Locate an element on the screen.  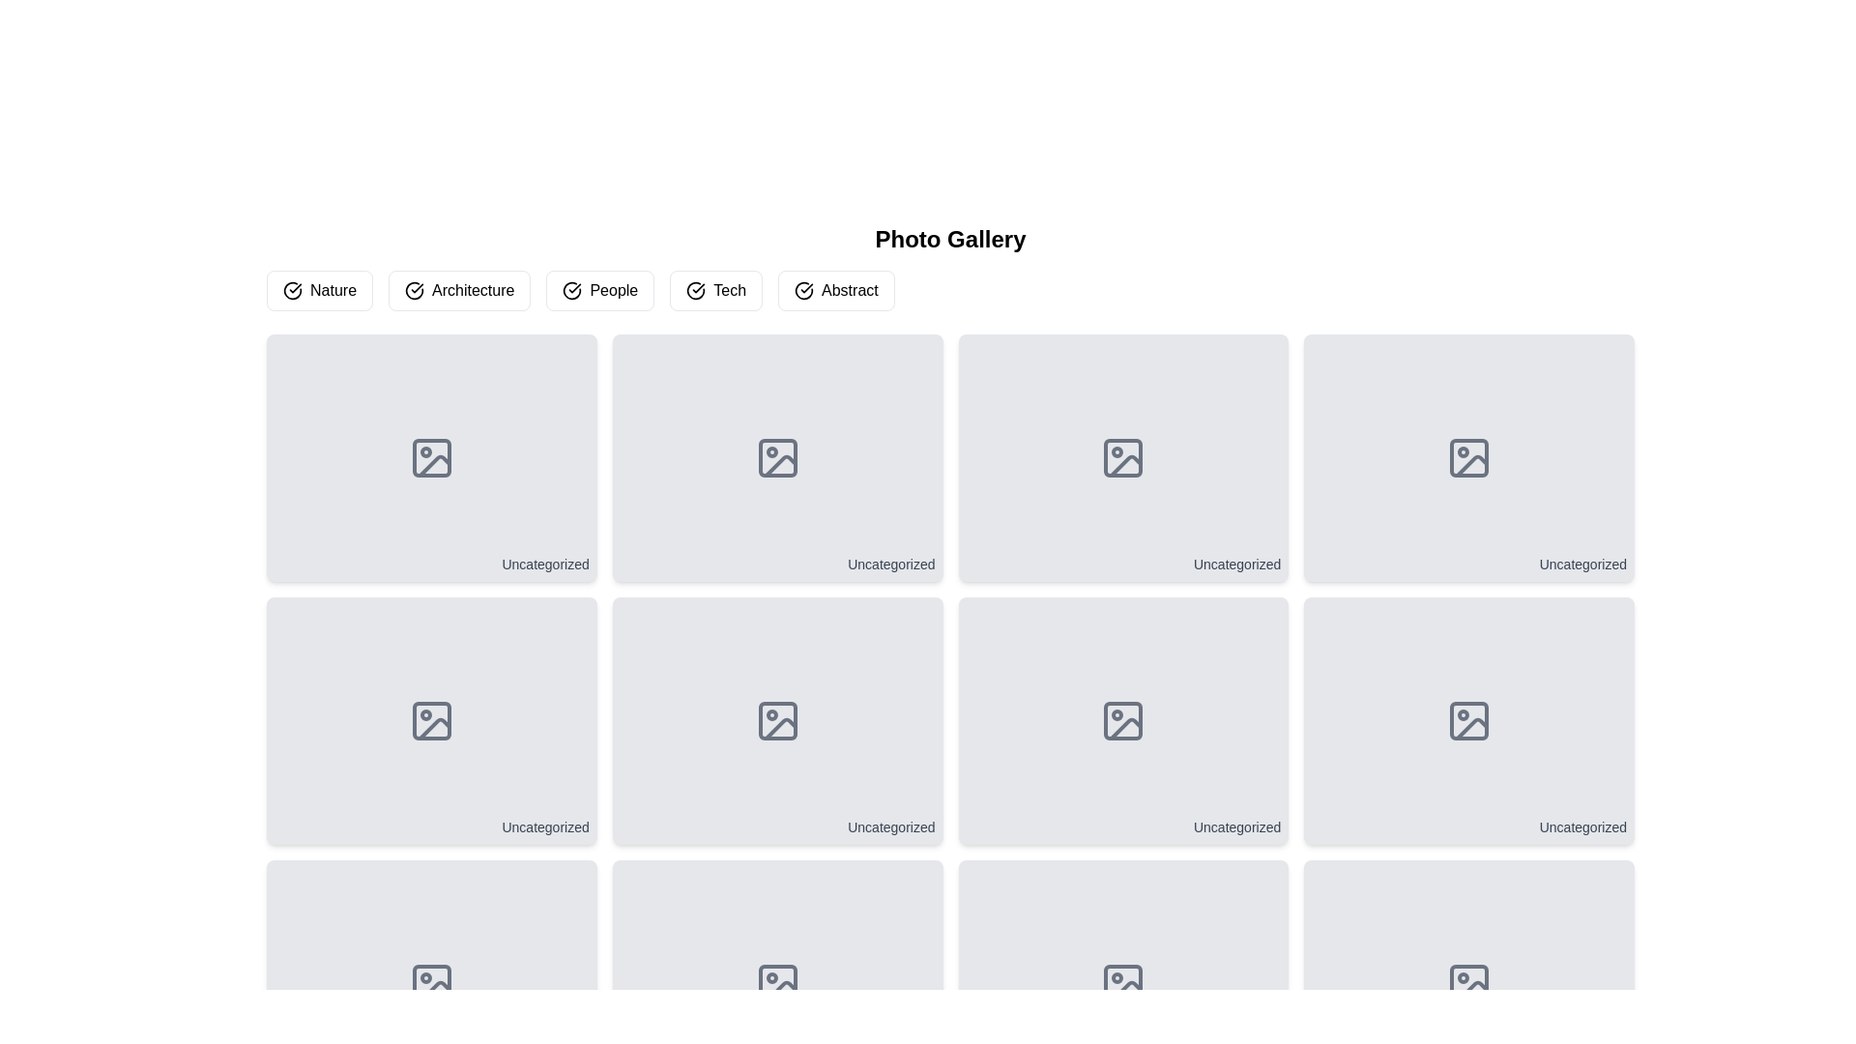
the decorative SVG icon located in the bottom-right corner of the thumbnail grid is located at coordinates (1471, 729).